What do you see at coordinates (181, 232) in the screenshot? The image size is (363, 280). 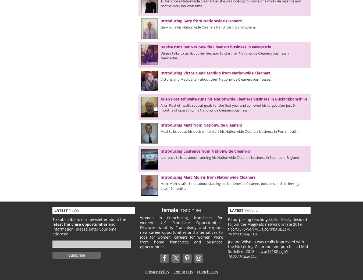 I see `'Women in Franchising, franchises for women, UK Franchise Opportunities. Discover what is Franchising and explore new career opportunities and alternatives to jobs for women, careers for women, work from home franchises and business opportunities.'` at bounding box center [181, 232].